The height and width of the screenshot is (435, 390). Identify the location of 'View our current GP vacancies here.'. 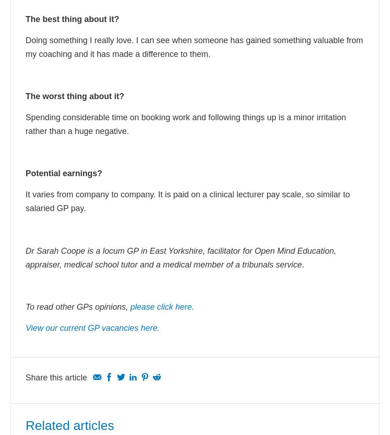
(92, 328).